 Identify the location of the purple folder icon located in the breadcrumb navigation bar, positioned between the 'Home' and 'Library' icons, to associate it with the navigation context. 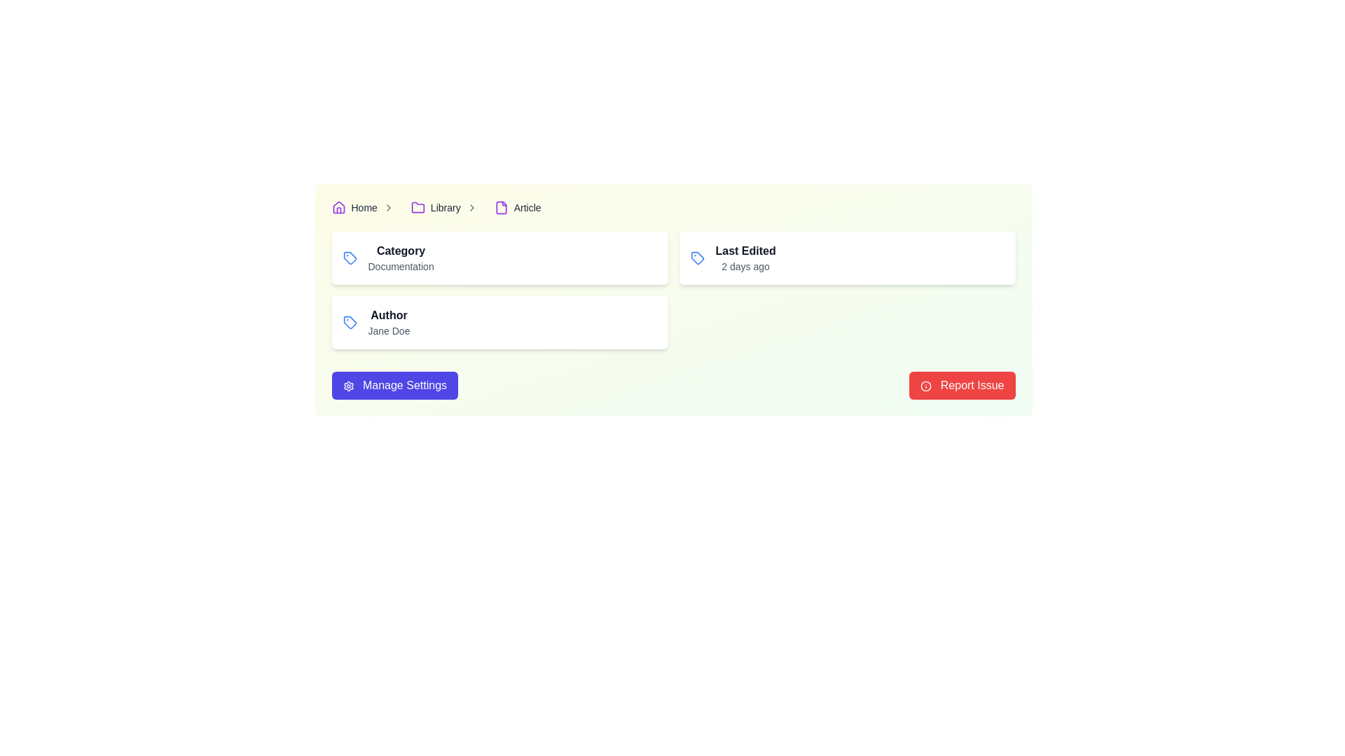
(417, 207).